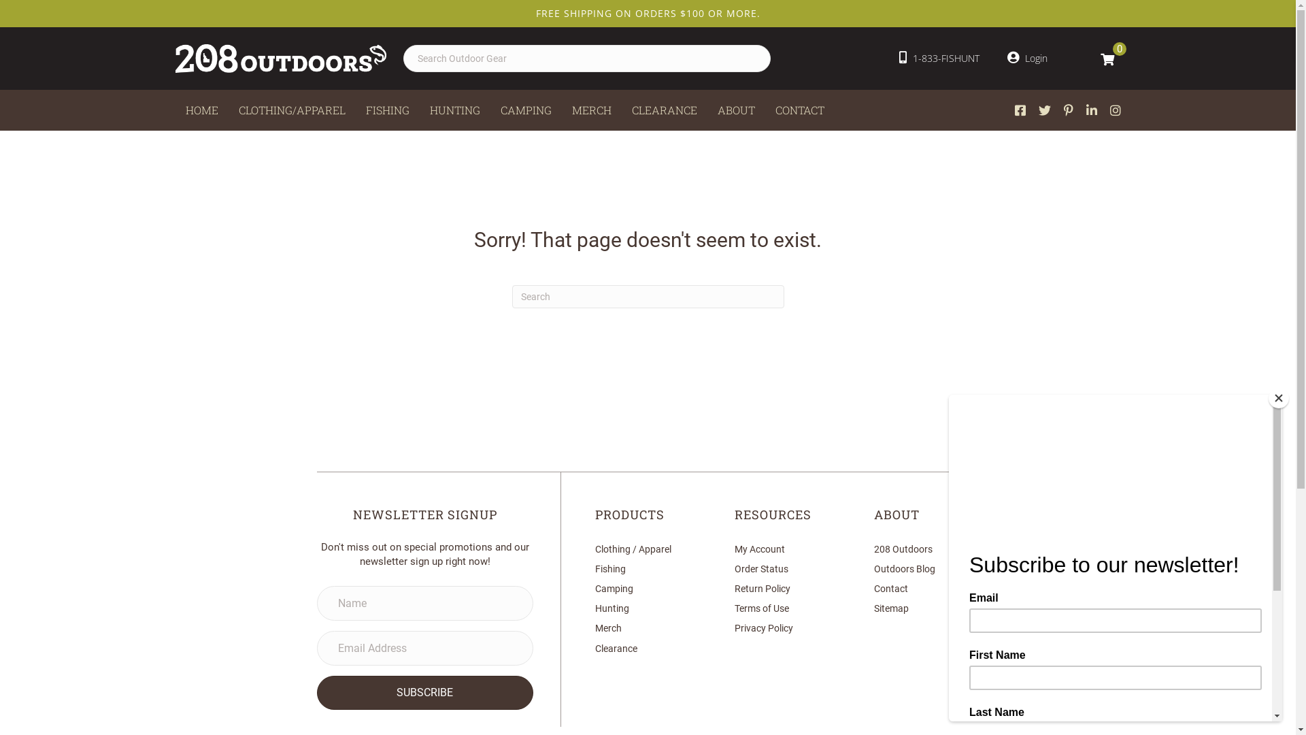 This screenshot has width=1306, height=735. Describe the element at coordinates (903, 548) in the screenshot. I see `'208 Outdoors'` at that location.